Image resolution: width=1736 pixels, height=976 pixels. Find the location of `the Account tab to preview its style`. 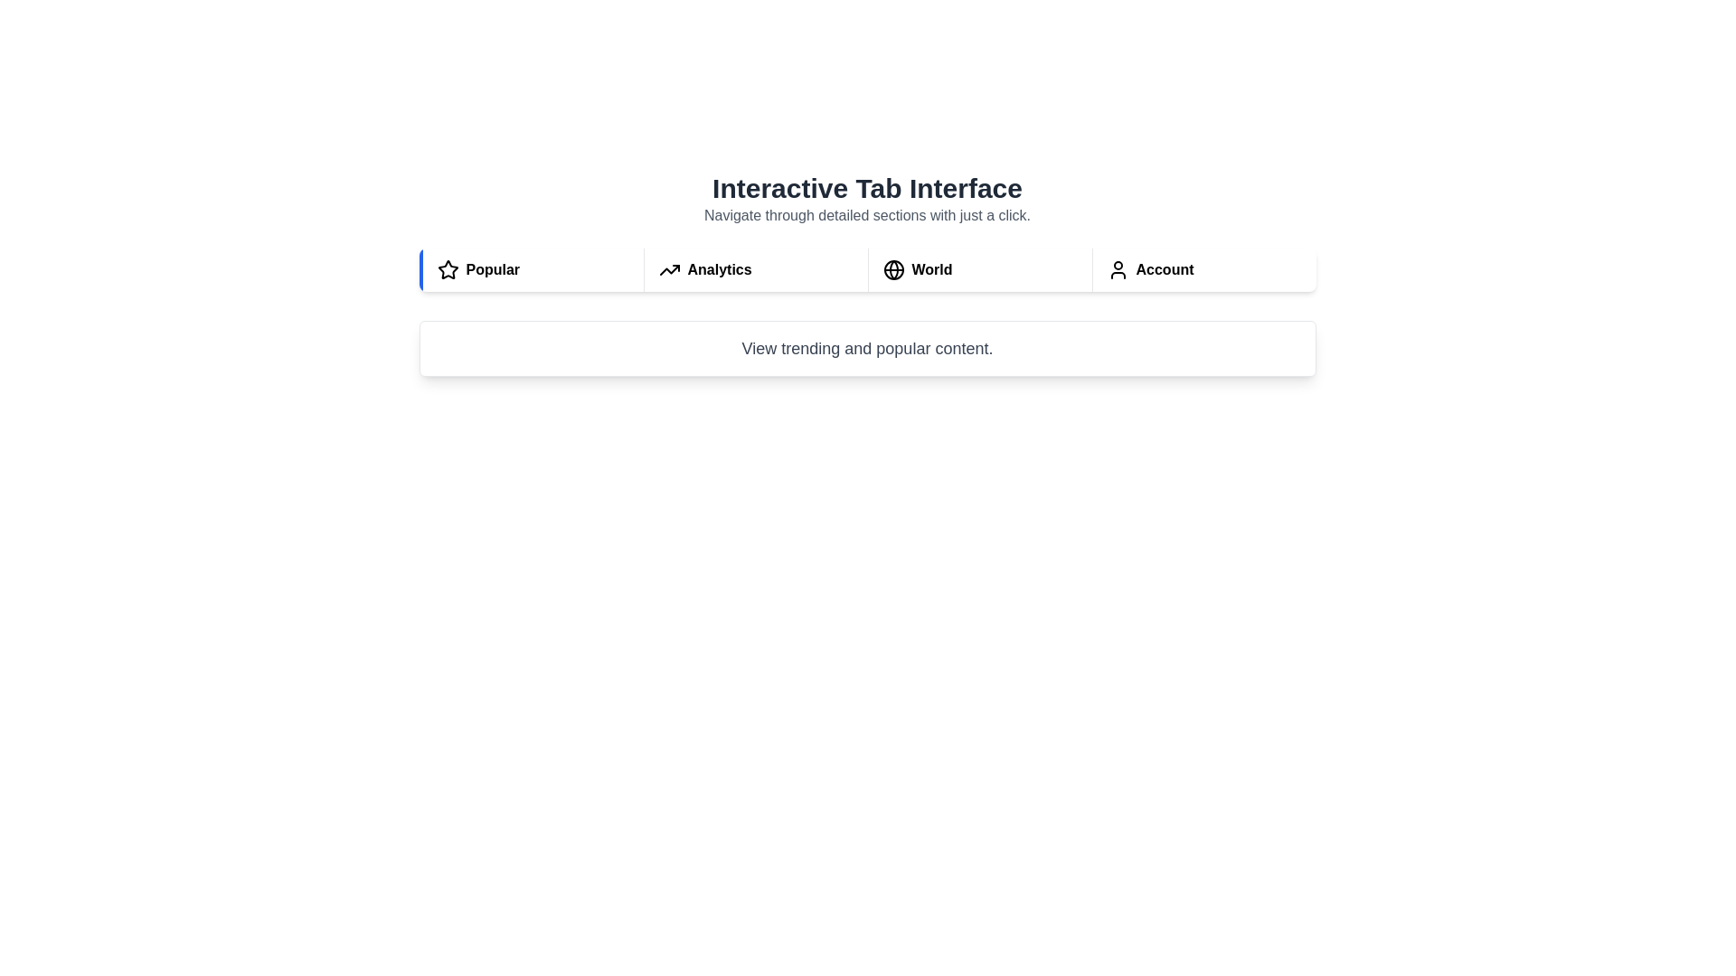

the Account tab to preview its style is located at coordinates (1203, 270).